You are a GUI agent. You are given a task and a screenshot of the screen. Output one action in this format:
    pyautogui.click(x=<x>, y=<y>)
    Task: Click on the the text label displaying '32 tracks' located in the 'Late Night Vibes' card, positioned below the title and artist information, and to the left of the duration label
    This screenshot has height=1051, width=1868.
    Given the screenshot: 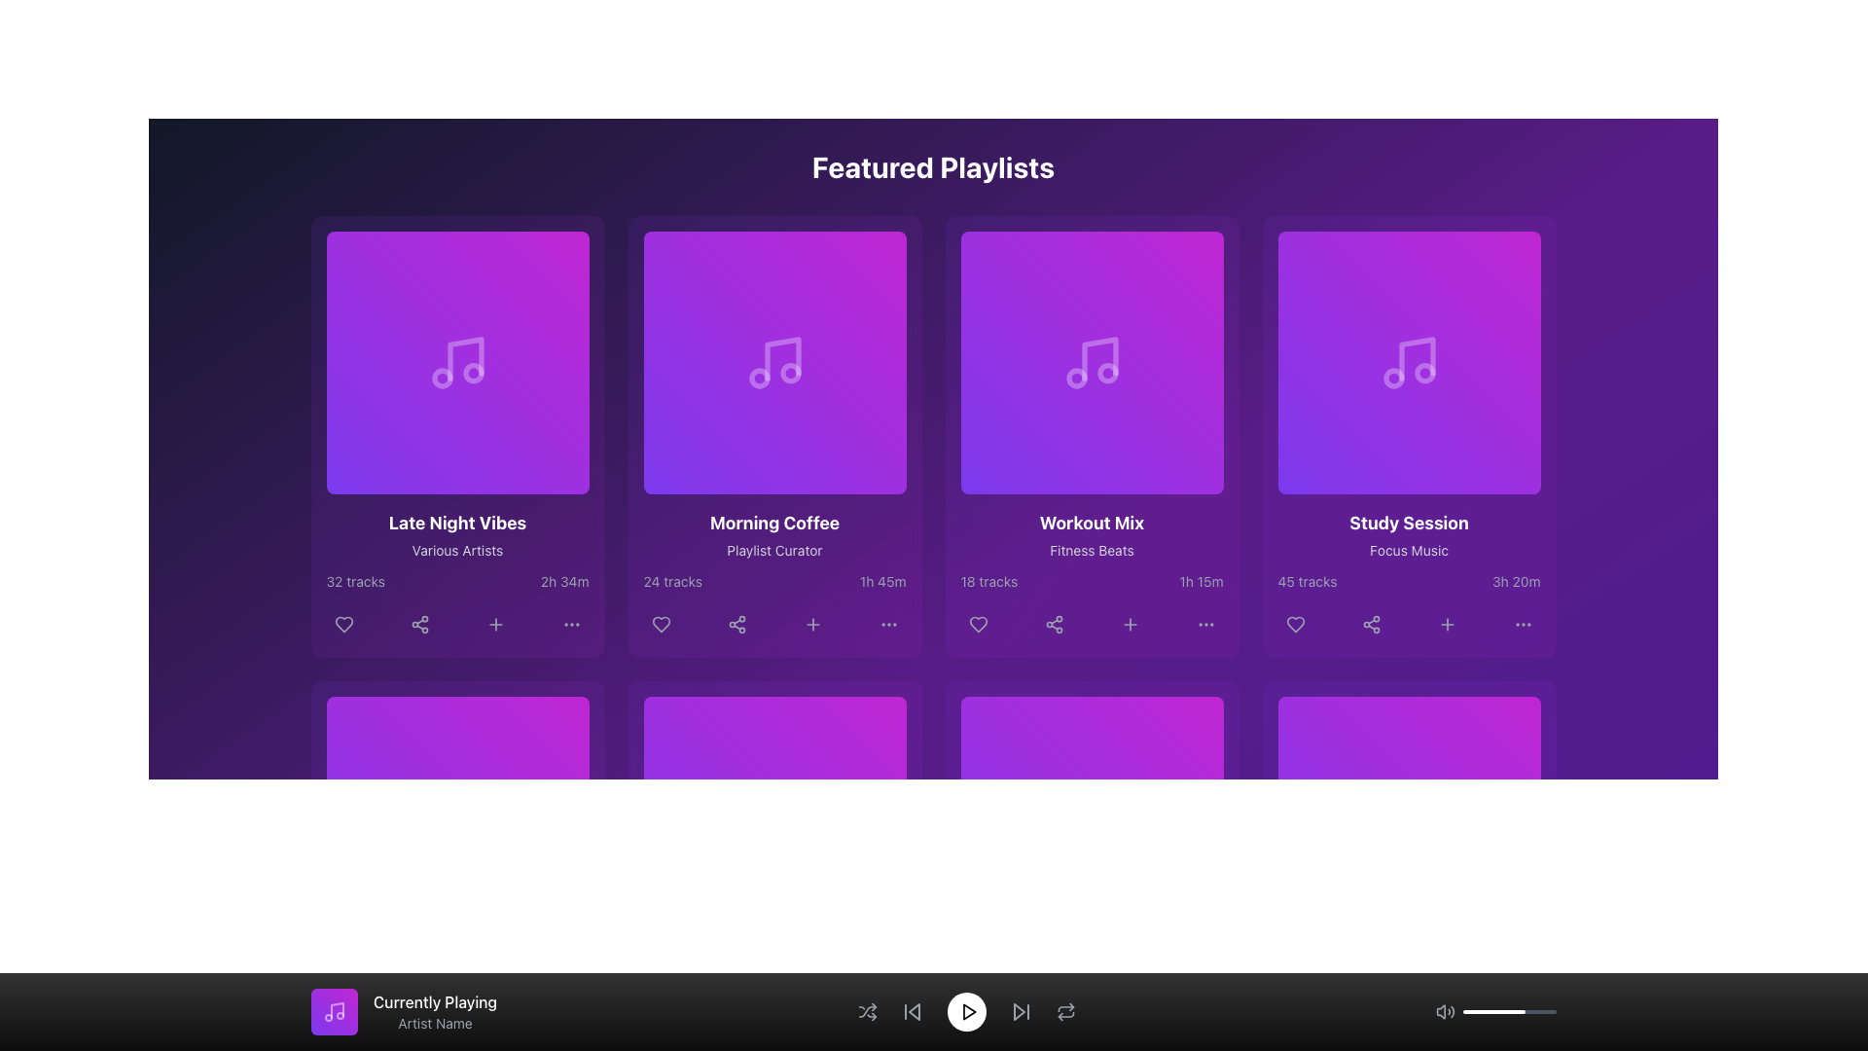 What is the action you would take?
    pyautogui.click(x=355, y=580)
    